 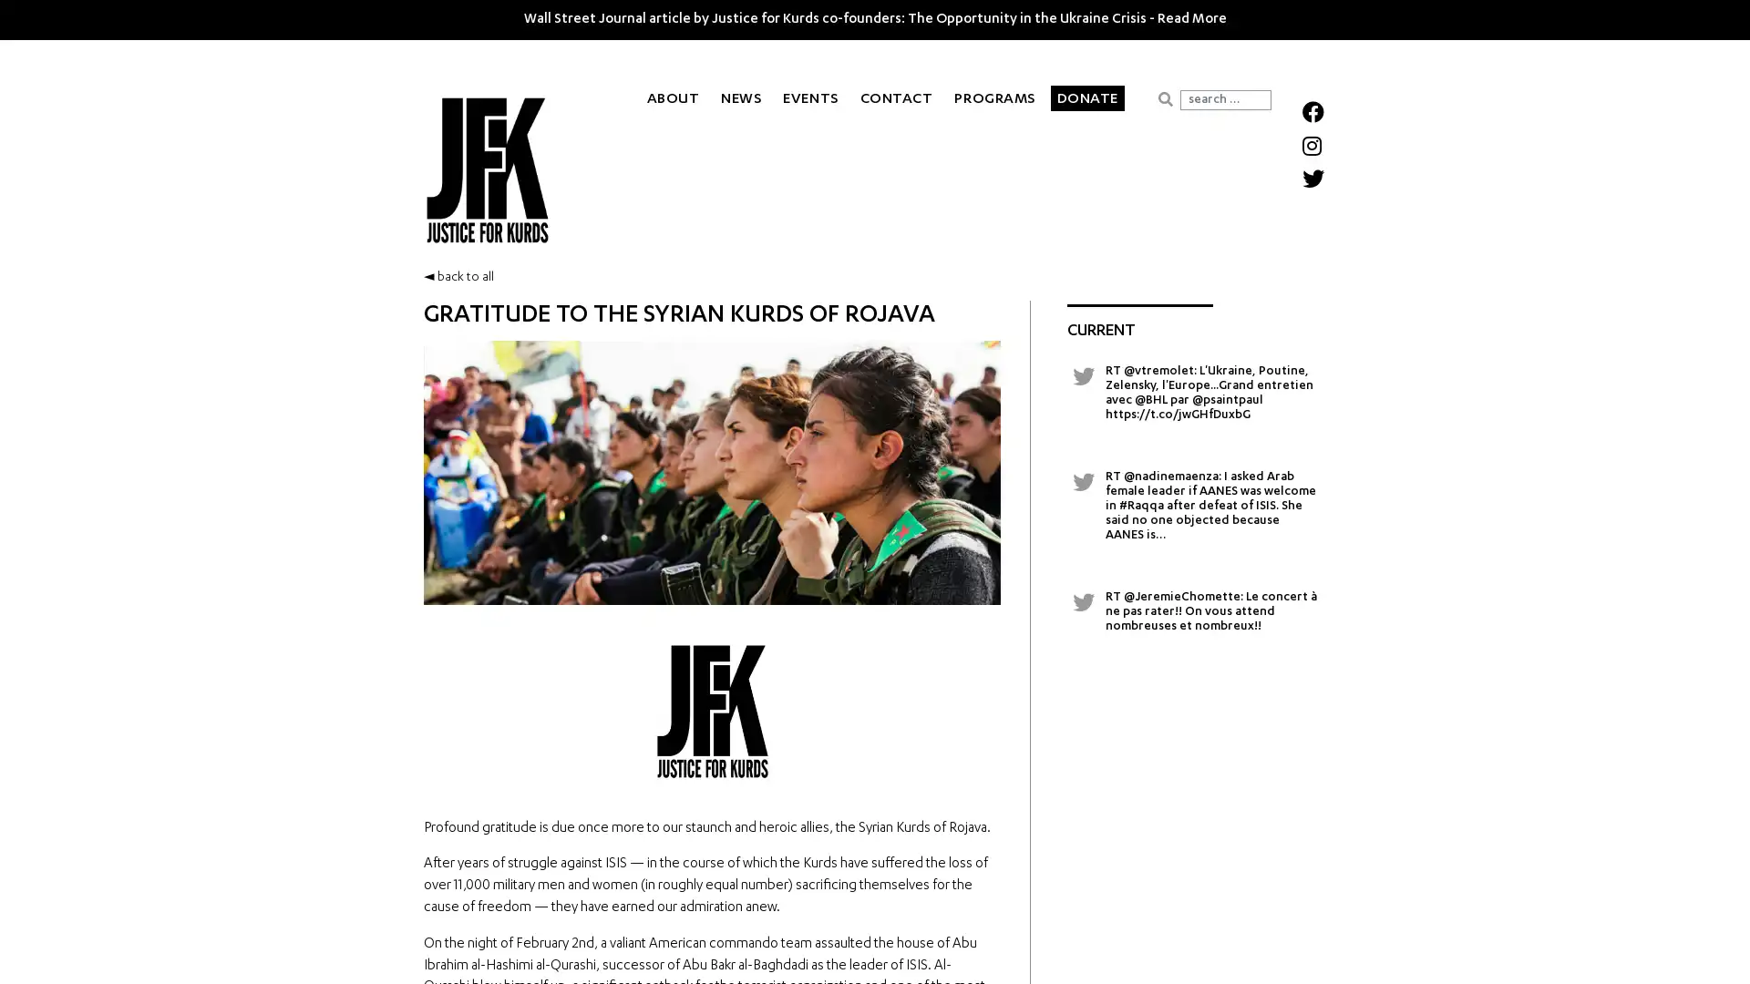 What do you see at coordinates (1164, 98) in the screenshot?
I see `Search` at bounding box center [1164, 98].